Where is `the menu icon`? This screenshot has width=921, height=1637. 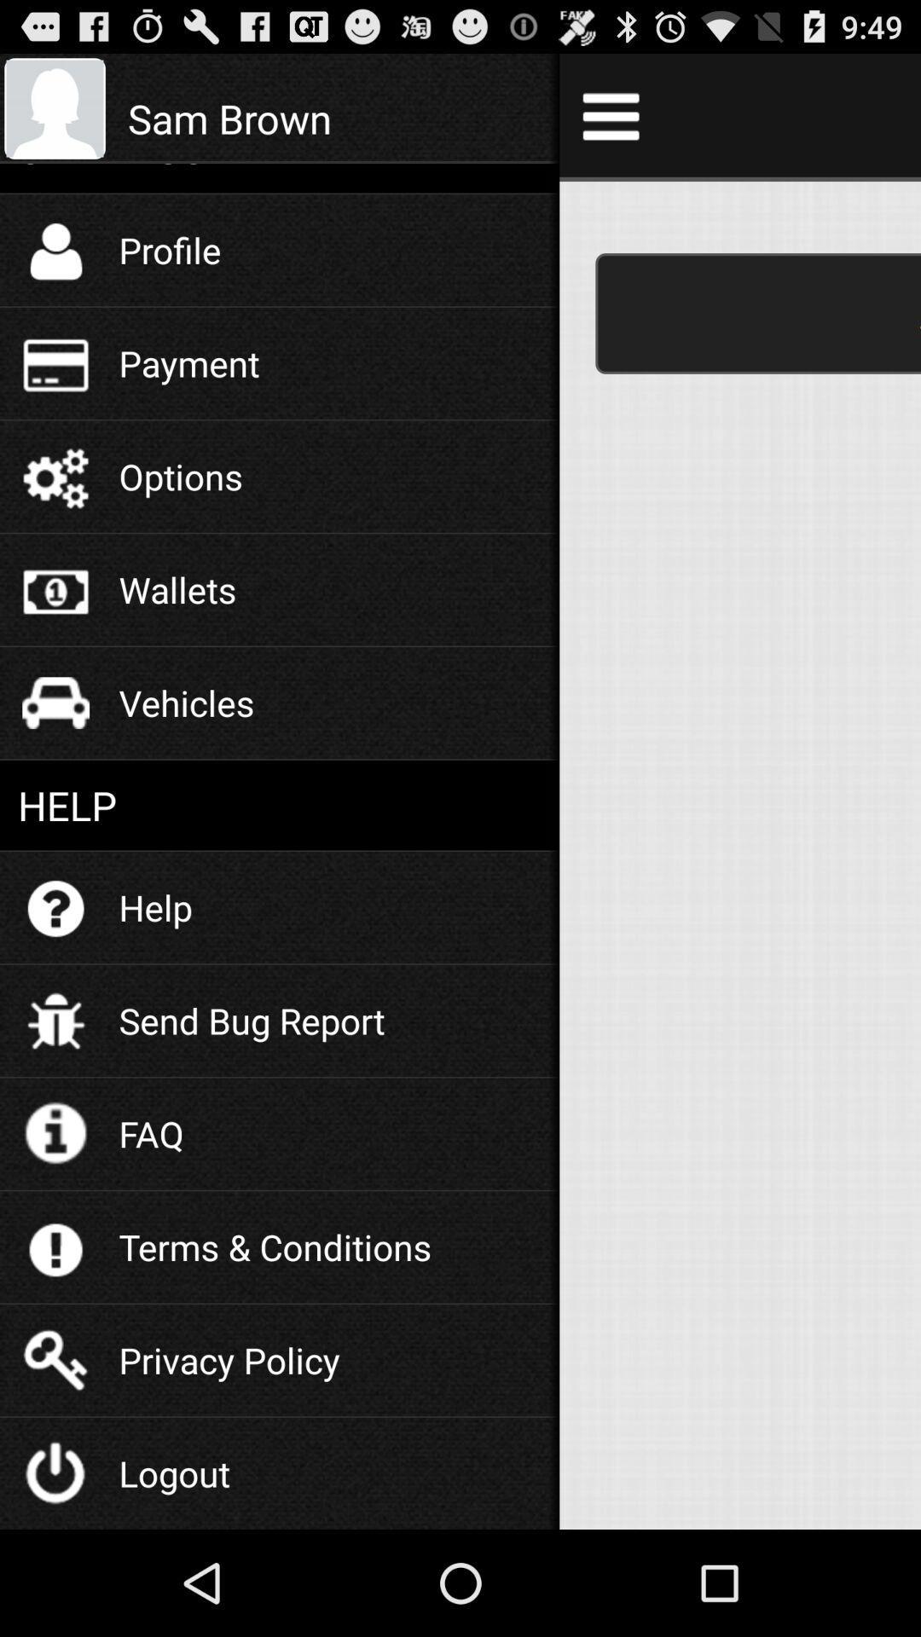
the menu icon is located at coordinates (610, 122).